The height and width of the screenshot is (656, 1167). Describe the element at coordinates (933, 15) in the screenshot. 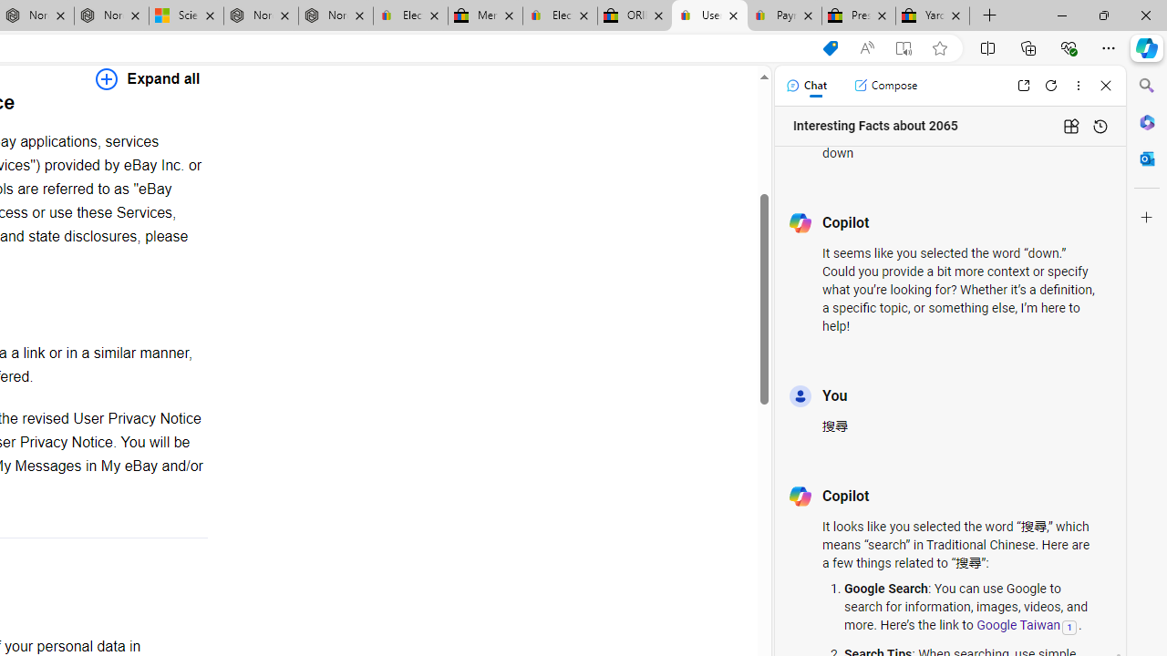

I see `'Yard, Garden & Outdoor Living'` at that location.